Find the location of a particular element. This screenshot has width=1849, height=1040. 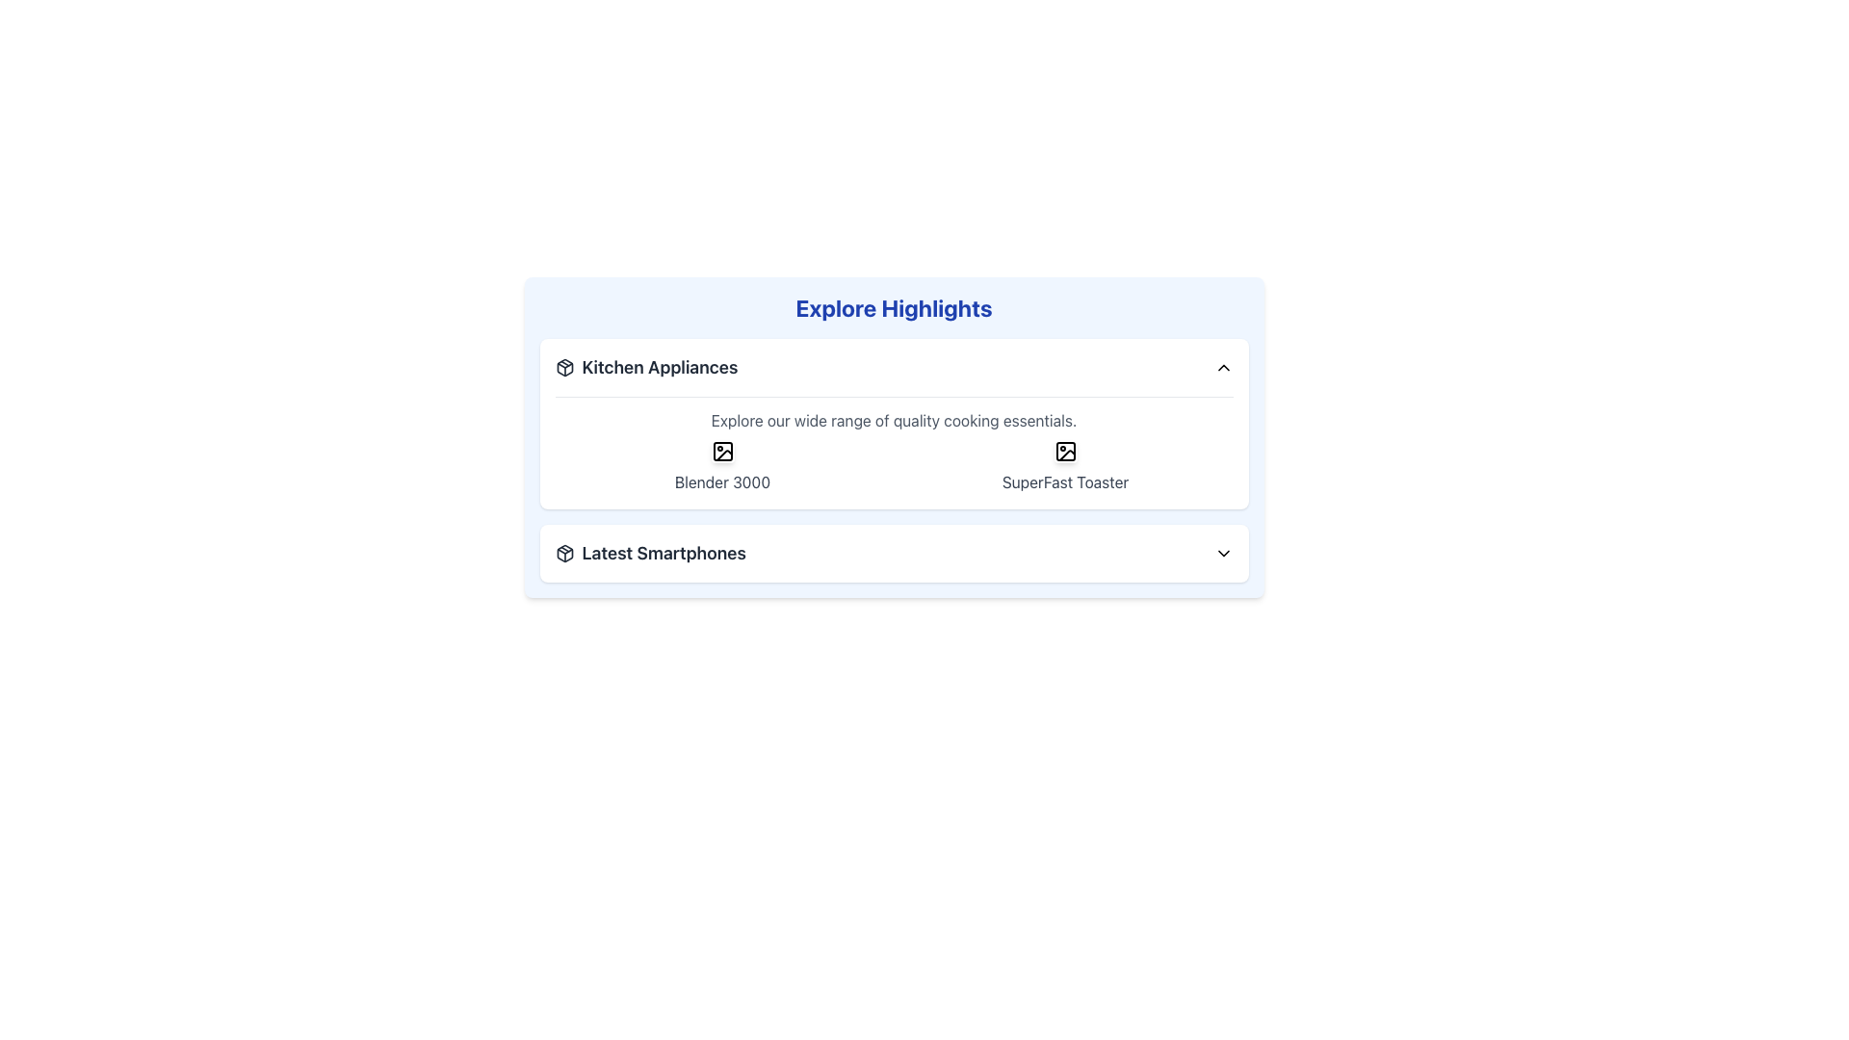

the image placeholder for the 'Blender 3000' product is located at coordinates (721, 452).